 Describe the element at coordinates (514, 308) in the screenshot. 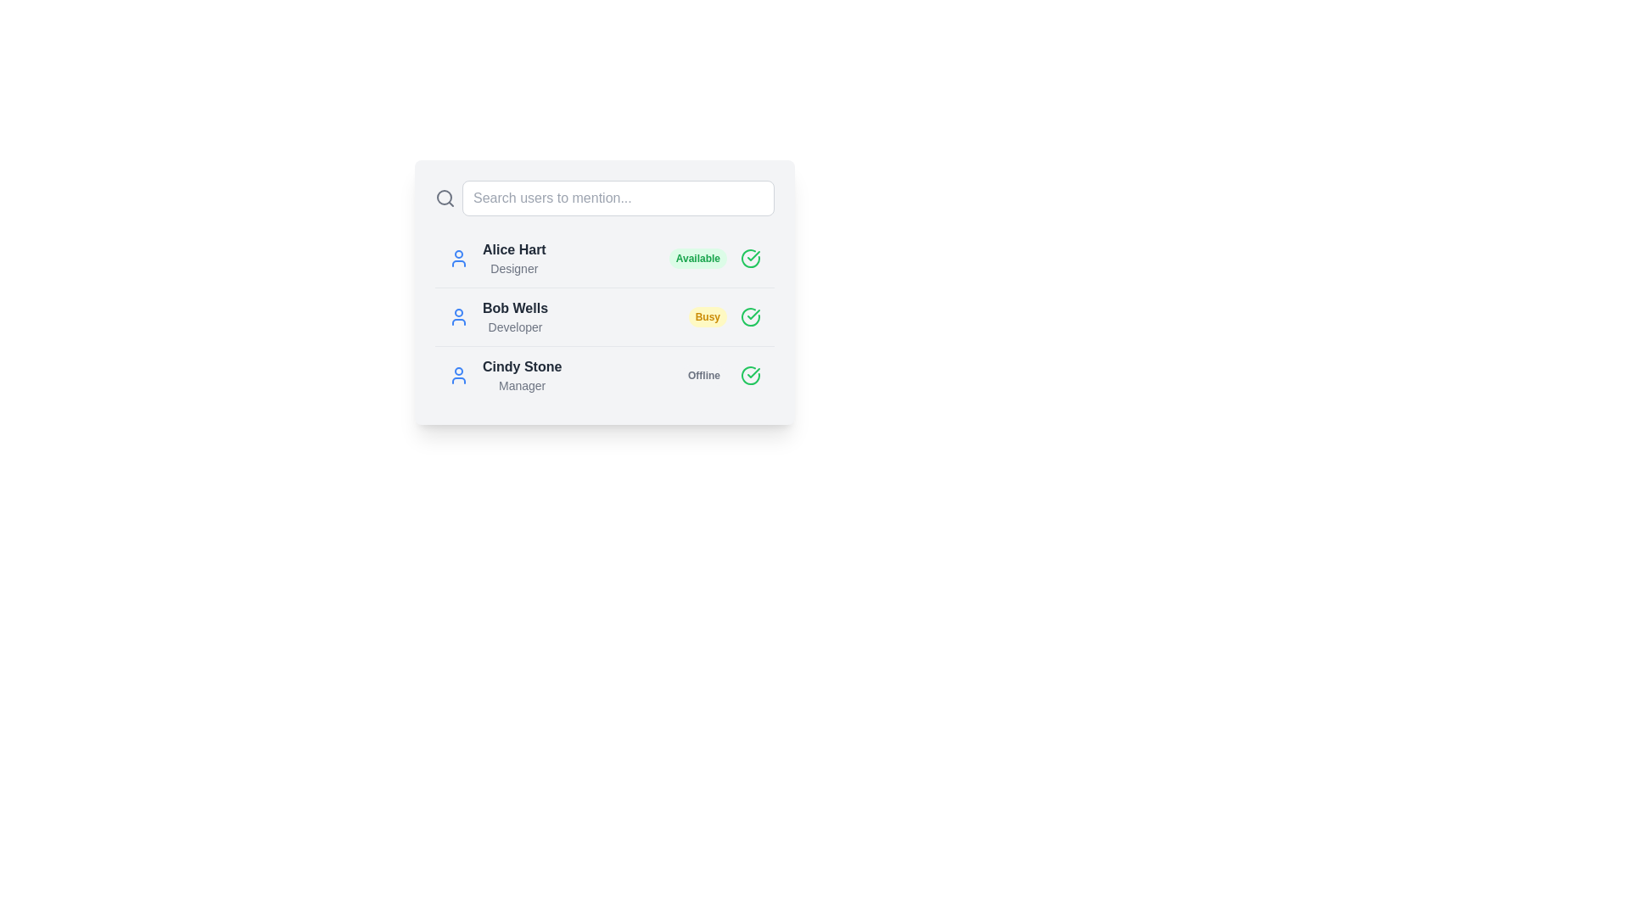

I see `the bold text label 'Bob Wells', which is the first line of a two-line text block in a user entry list` at that location.